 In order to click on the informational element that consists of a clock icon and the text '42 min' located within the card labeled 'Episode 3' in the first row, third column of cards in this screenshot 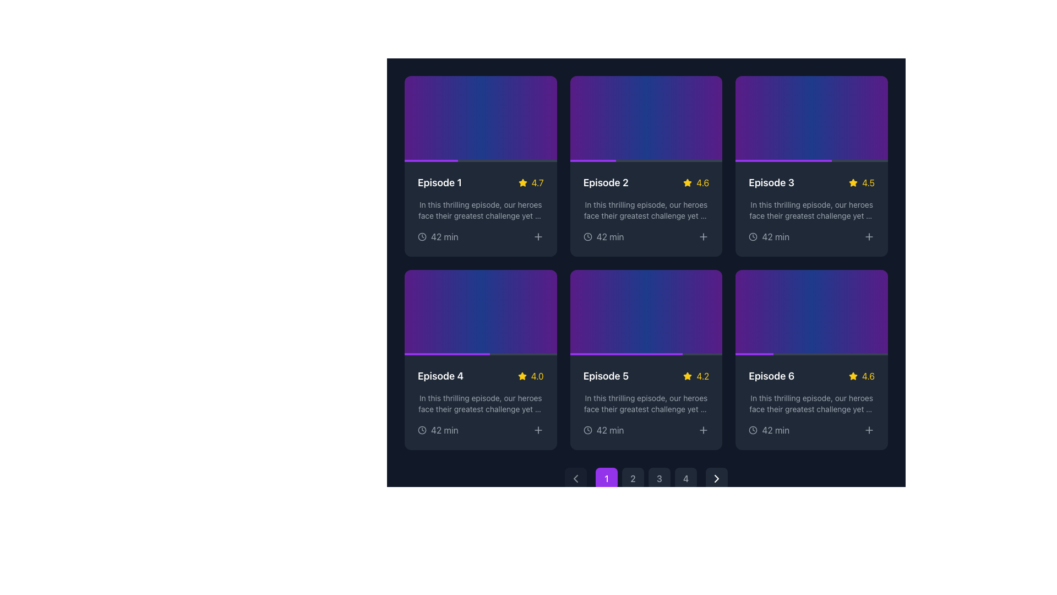, I will do `click(769, 236)`.